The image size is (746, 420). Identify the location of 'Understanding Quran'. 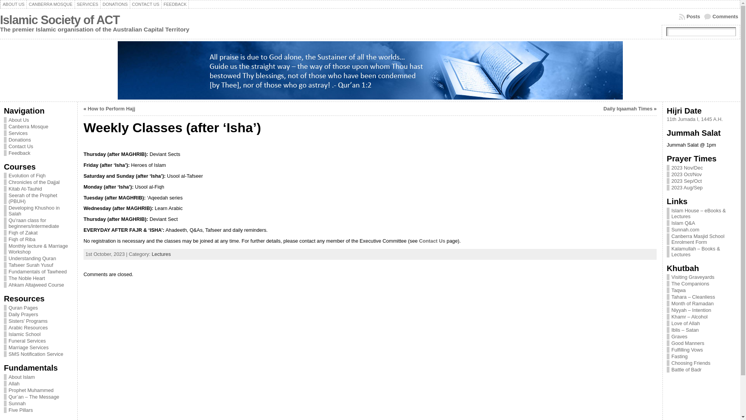
(38, 258).